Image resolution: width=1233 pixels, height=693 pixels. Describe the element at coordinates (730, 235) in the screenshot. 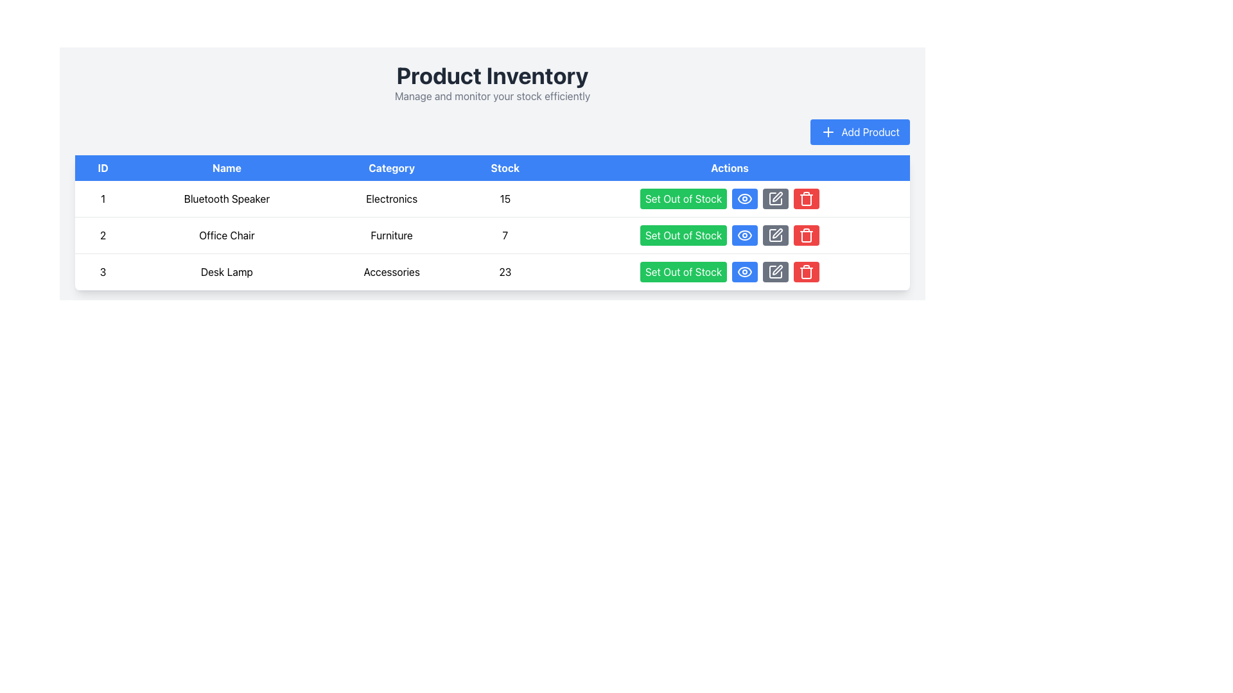

I see `the first button in the 'Actions' column of the second row` at that location.